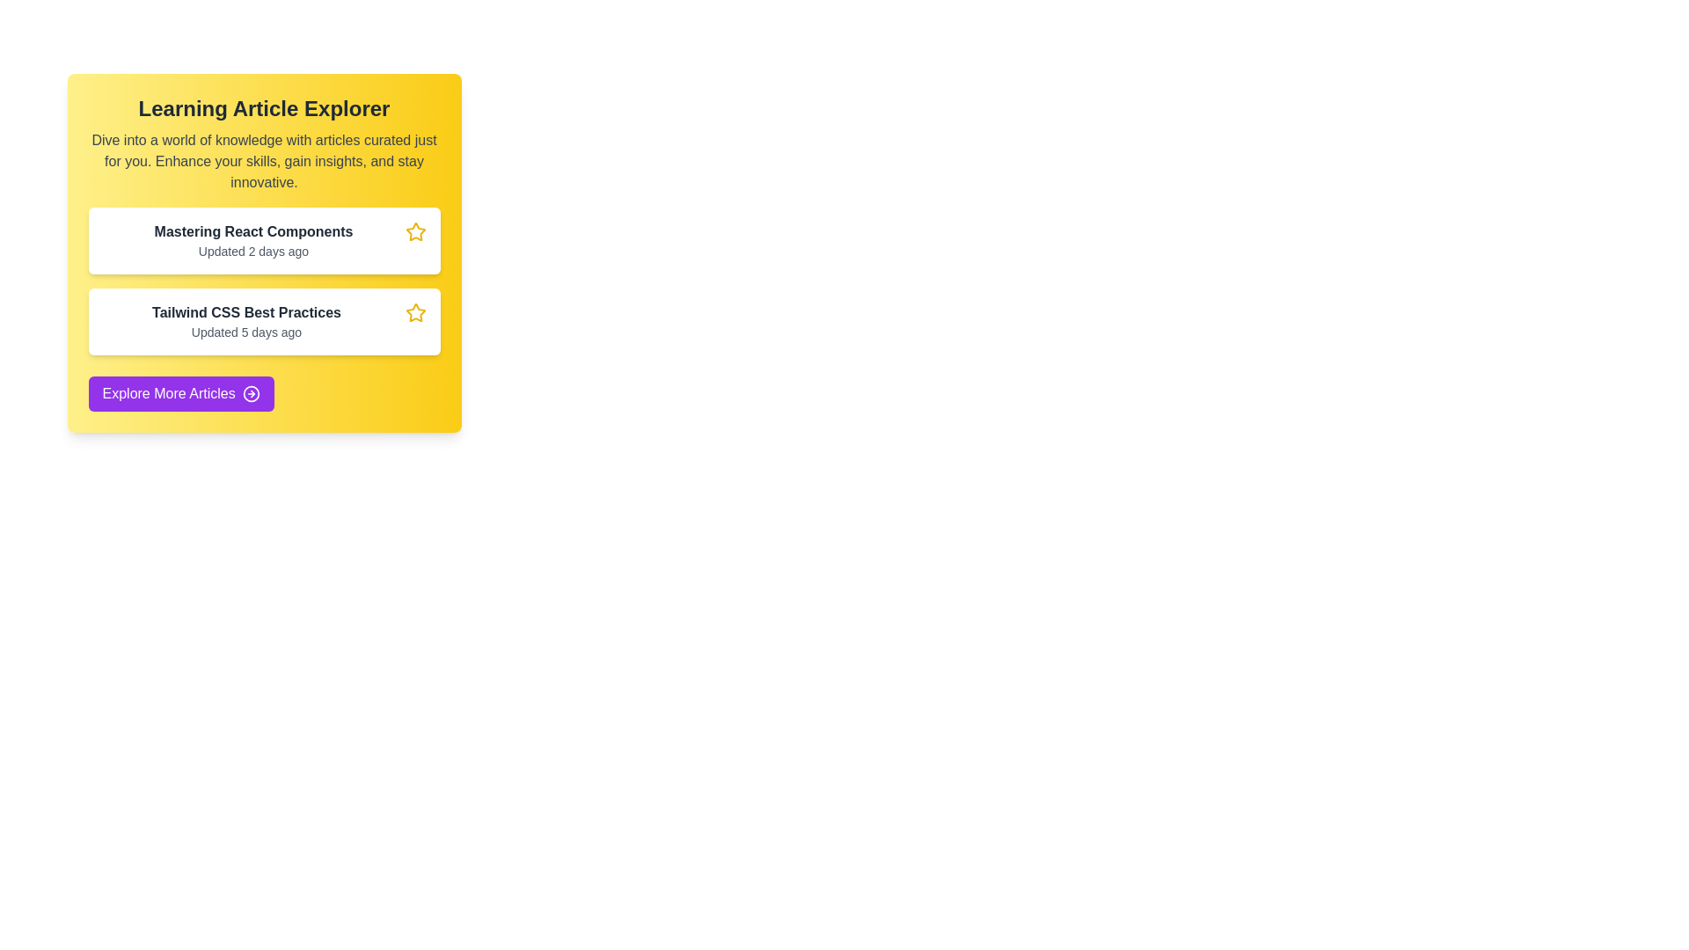 The width and height of the screenshot is (1689, 950). I want to click on the button containing the right arrow icon inside a circle, which serves as a navigation cue within the card layout, so click(250, 392).